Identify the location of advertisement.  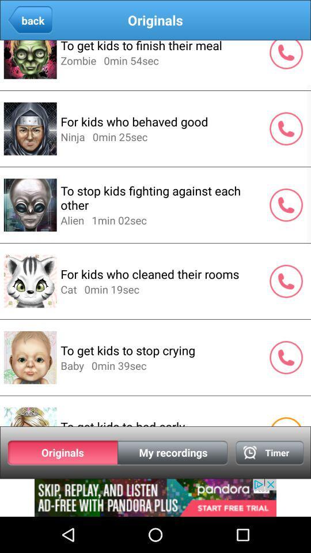
(155, 497).